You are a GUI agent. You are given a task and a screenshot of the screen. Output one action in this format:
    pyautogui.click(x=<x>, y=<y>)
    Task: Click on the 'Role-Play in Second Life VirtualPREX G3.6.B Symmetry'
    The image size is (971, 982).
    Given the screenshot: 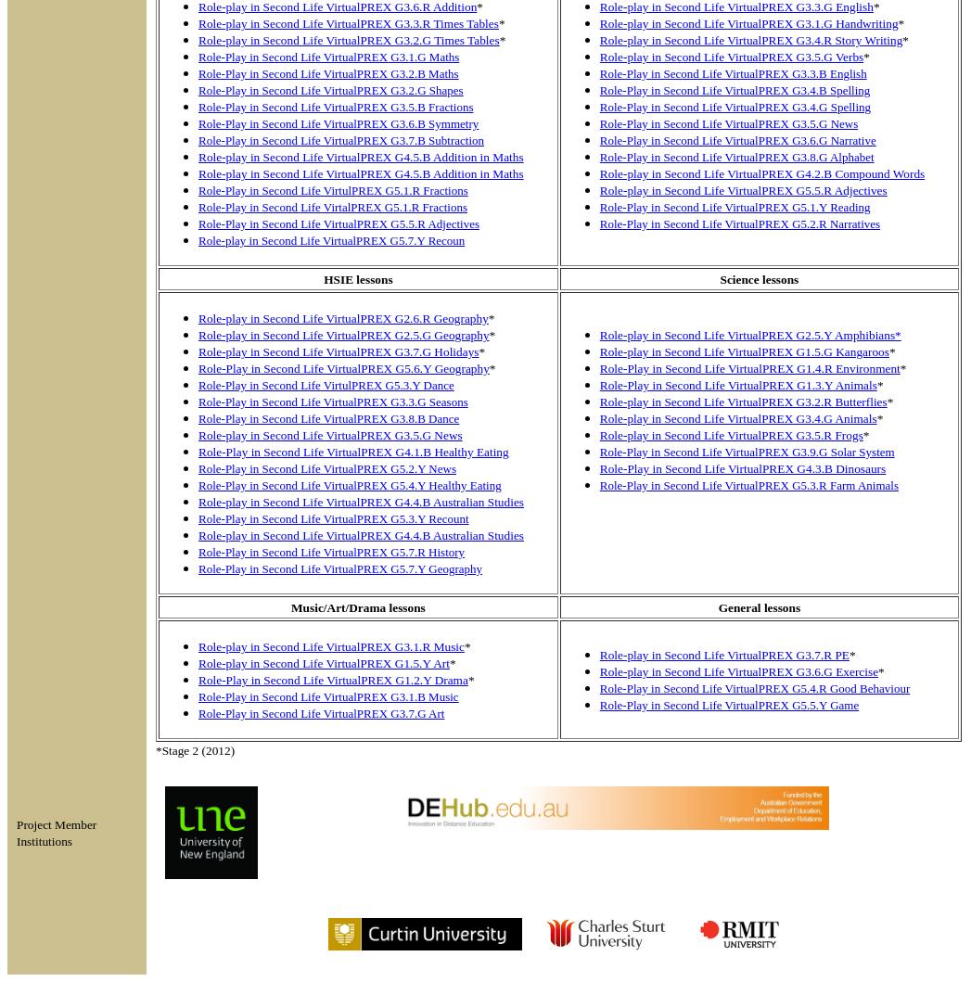 What is the action you would take?
    pyautogui.click(x=338, y=122)
    